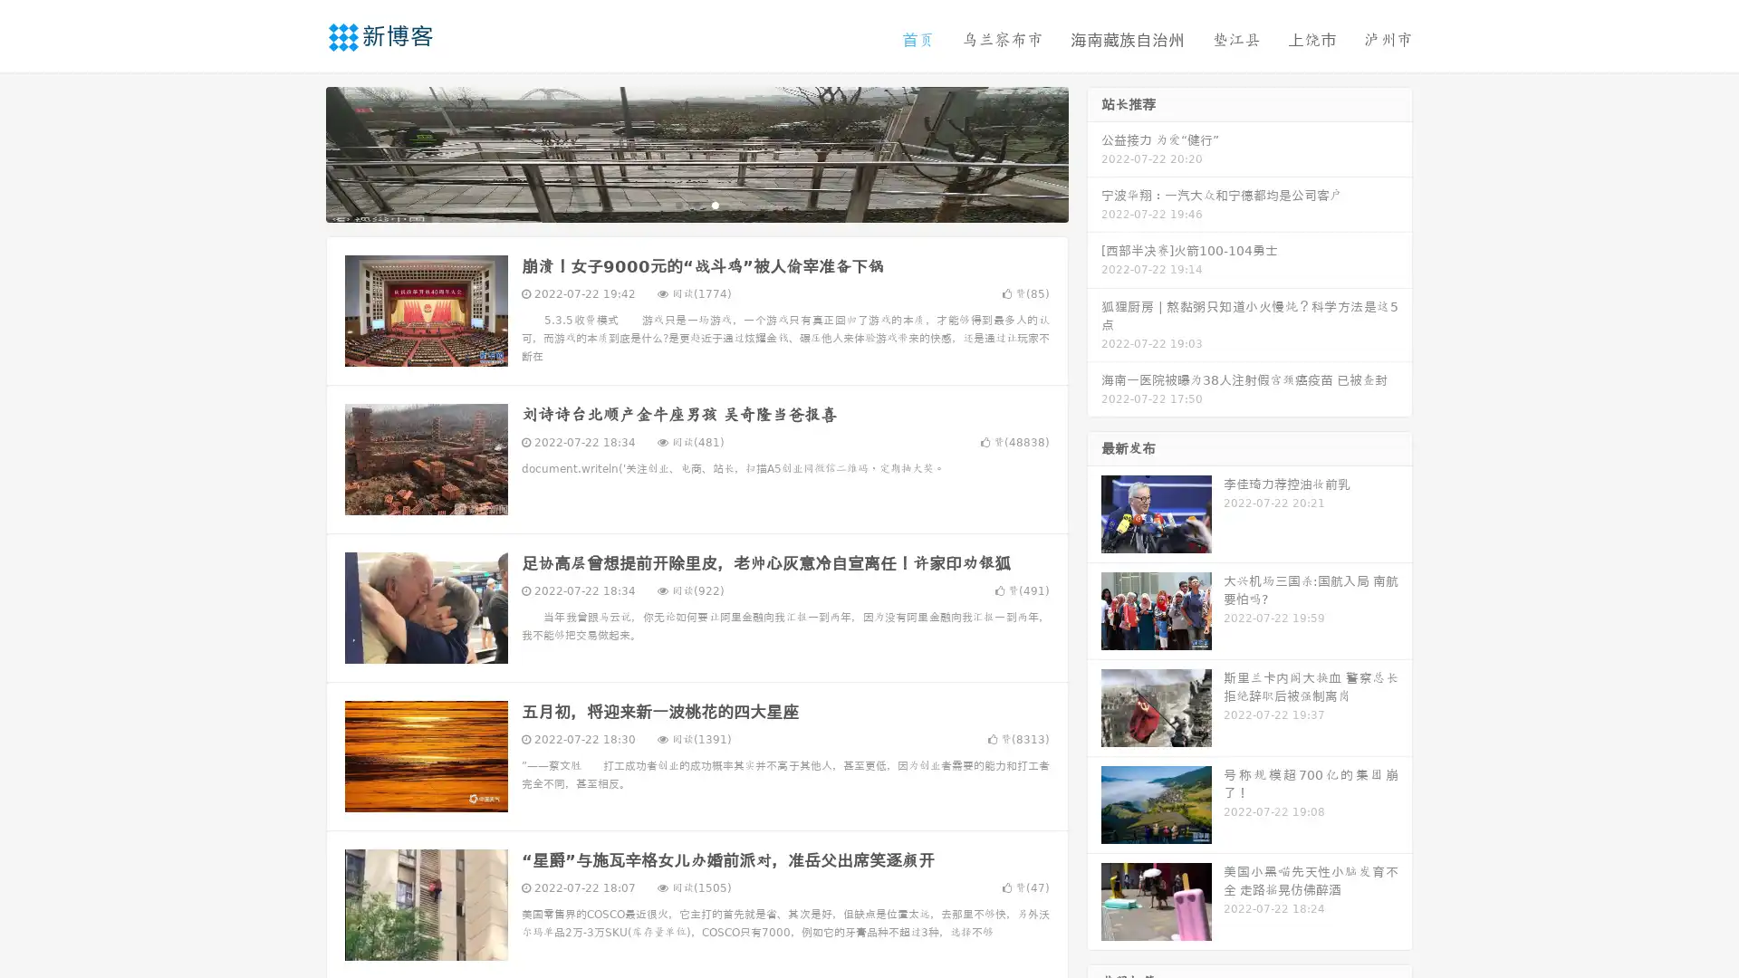  I want to click on Next slide, so click(1094, 152).